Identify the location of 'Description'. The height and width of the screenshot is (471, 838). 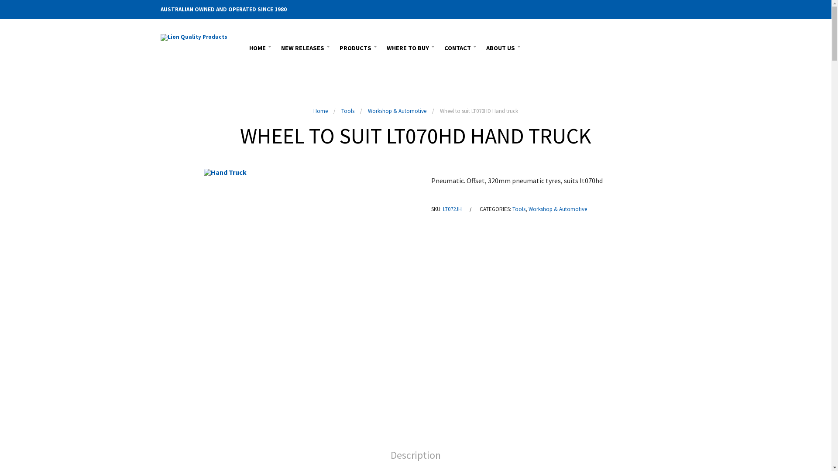
(415, 454).